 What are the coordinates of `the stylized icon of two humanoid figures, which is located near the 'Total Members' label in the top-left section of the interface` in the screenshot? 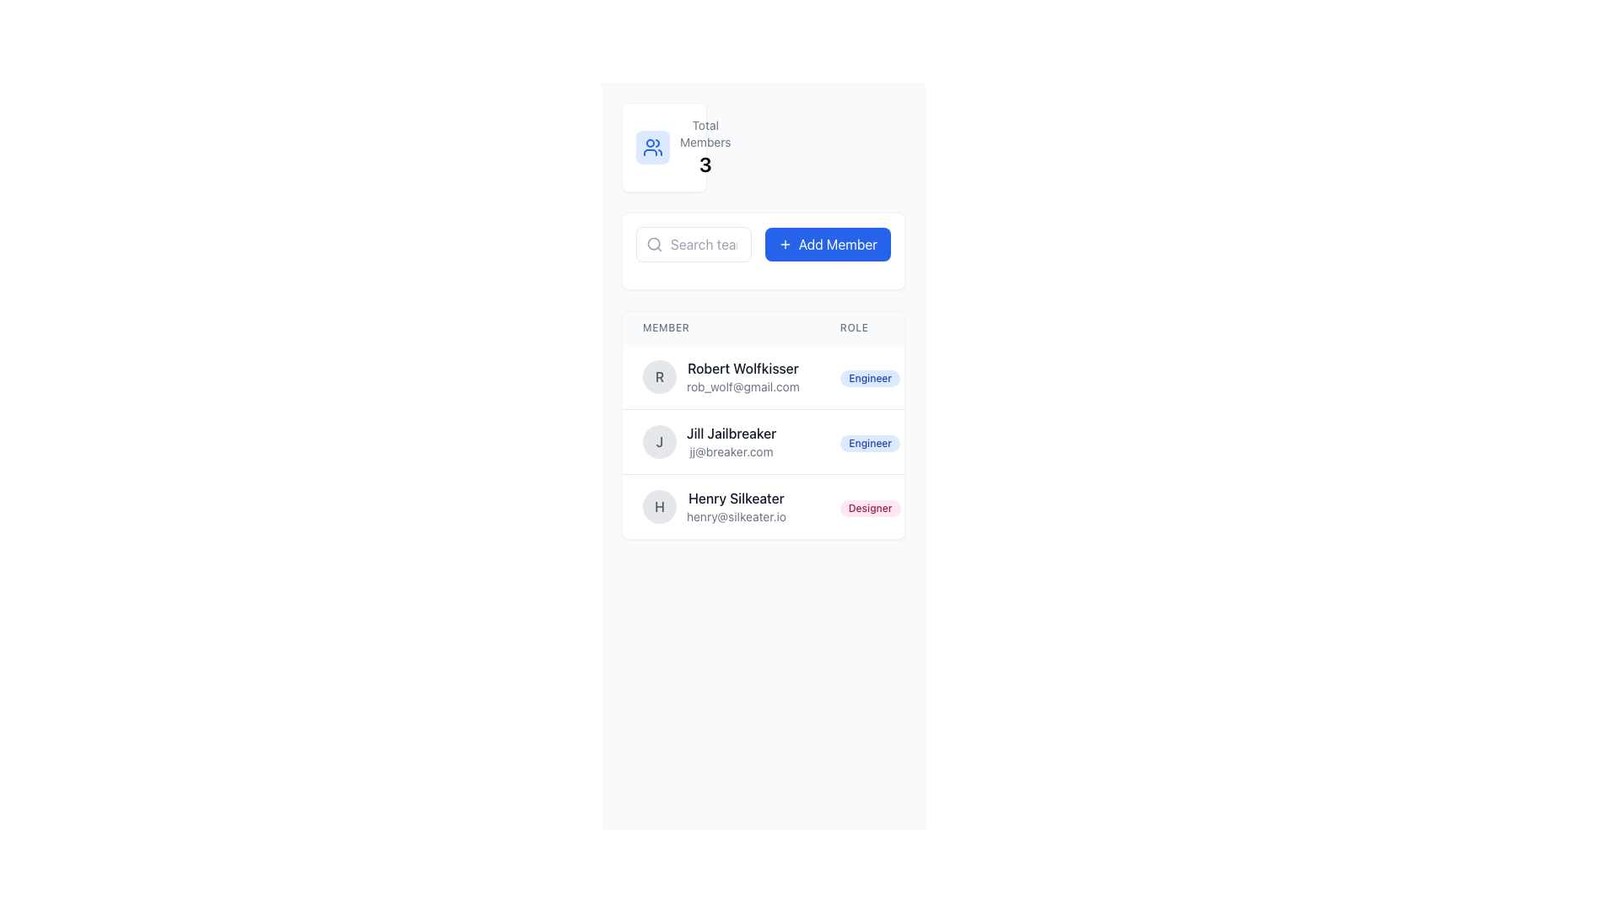 It's located at (651, 146).